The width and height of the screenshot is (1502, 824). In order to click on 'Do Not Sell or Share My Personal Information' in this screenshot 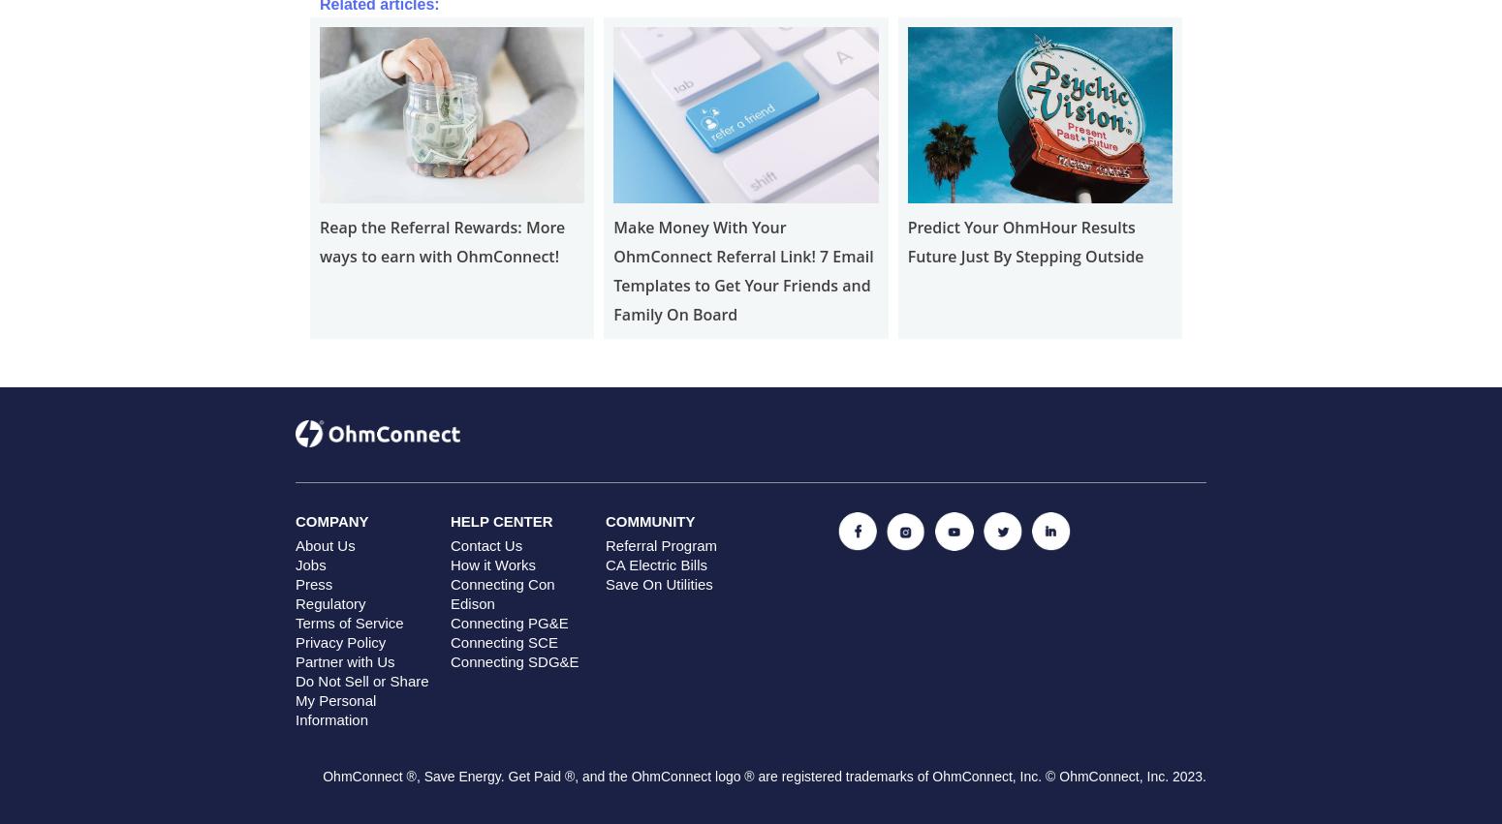, I will do `click(296, 699)`.